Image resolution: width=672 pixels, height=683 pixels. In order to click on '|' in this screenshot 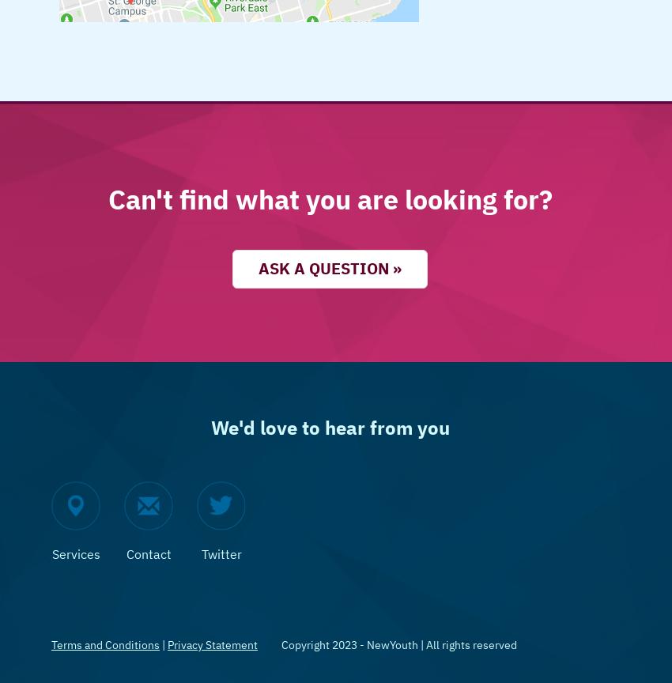, I will do `click(162, 643)`.